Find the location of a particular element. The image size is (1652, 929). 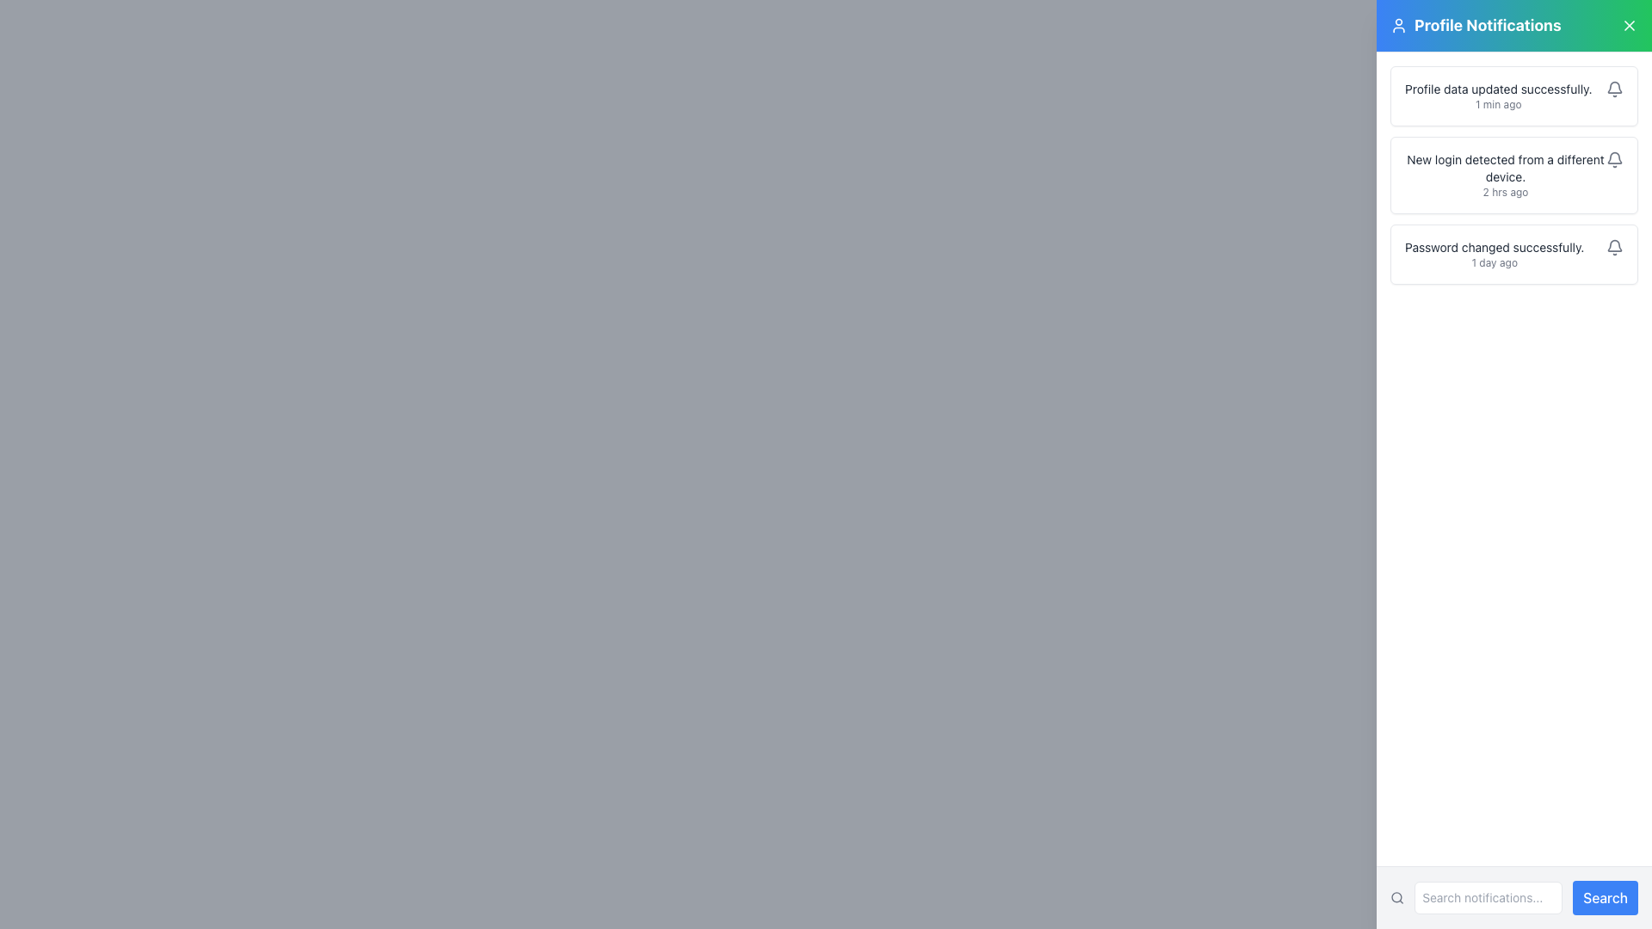

the small square button featuring an 'X' icon in white, located at the top-right corner of the green gradient header bar is located at coordinates (1629, 26).